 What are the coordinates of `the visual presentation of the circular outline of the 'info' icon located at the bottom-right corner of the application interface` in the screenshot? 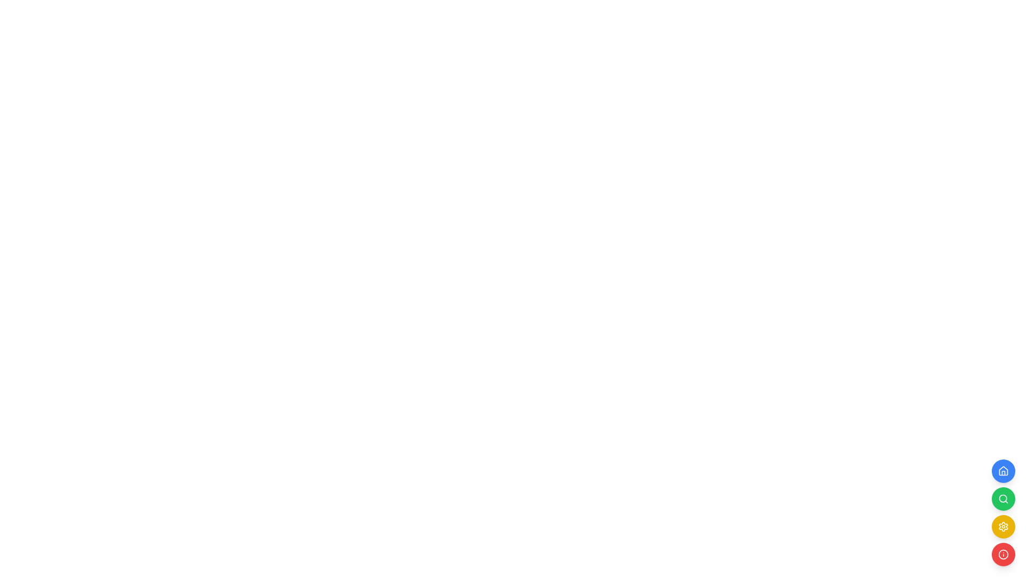 It's located at (1002, 553).